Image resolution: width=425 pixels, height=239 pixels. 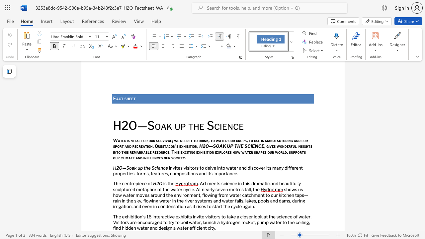 What do you see at coordinates (228, 216) in the screenshot?
I see `the subset text "ake a closer look at the science of water. Visitors are encouraged to try to boil water, launch a hydrogen rocket, pump water to the ceiling, find hidden water and design a water effici" within the text "The exhibition’s 16 interactive exhibits invite visitors to take a closer look at the science of water. Visitors are encouraged to try to boil water, launch a hydrogen rocket, pump water to the ceiling, find hidden water and design a water efficient city."` at bounding box center [228, 216].